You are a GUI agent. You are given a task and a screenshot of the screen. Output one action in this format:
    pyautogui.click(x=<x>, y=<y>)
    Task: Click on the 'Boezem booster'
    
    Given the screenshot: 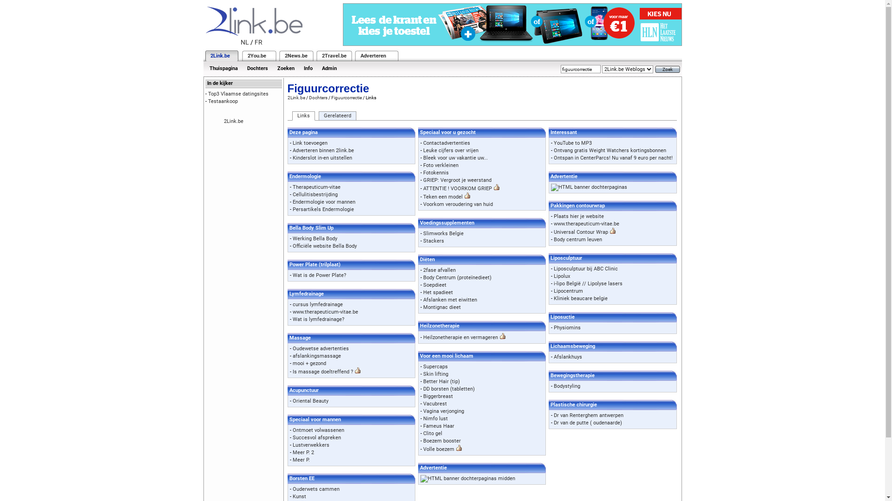 What is the action you would take?
    pyautogui.click(x=441, y=440)
    